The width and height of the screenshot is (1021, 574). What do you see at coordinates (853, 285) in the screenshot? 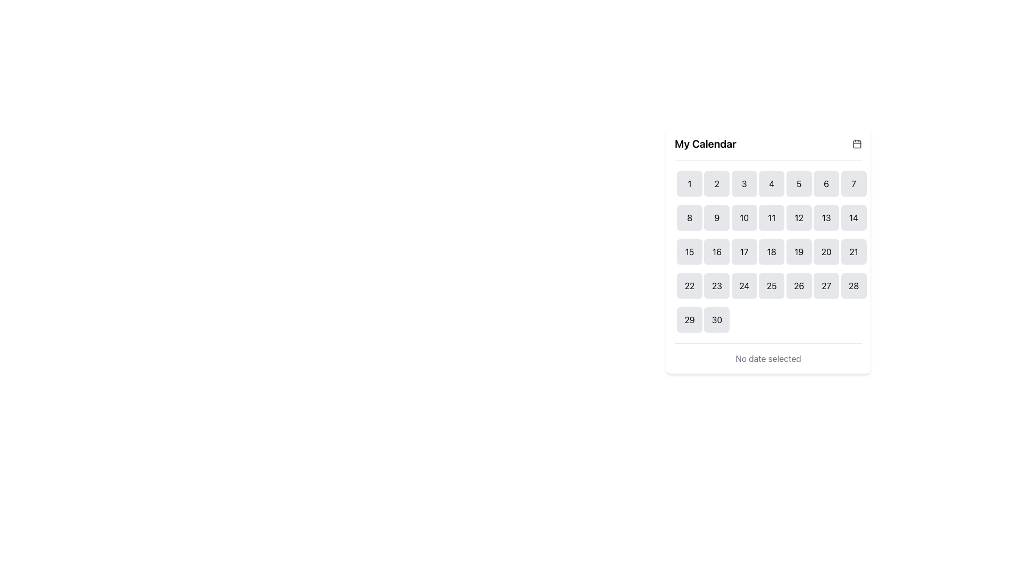
I see `the square-shaped button with rounded corners that has a light gray background and the text '28' centered in bold black font, located in the fifth row and seventh column of the calendar grid` at bounding box center [853, 285].